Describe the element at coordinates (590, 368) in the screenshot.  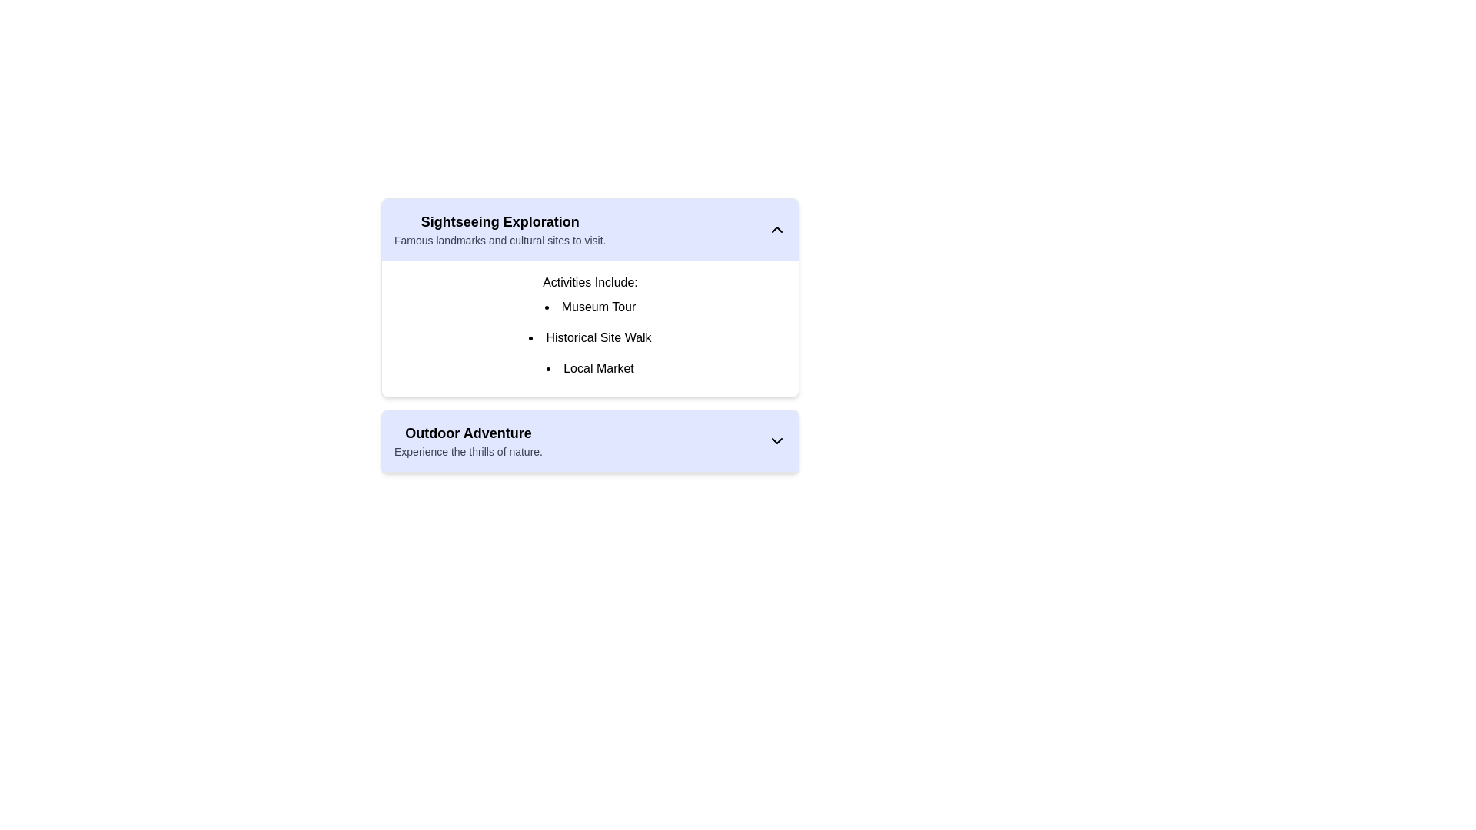
I see `text of the list item labeled 'Local Market,' which is the third item in the vertical list under the section 'Activities Include.'` at that location.